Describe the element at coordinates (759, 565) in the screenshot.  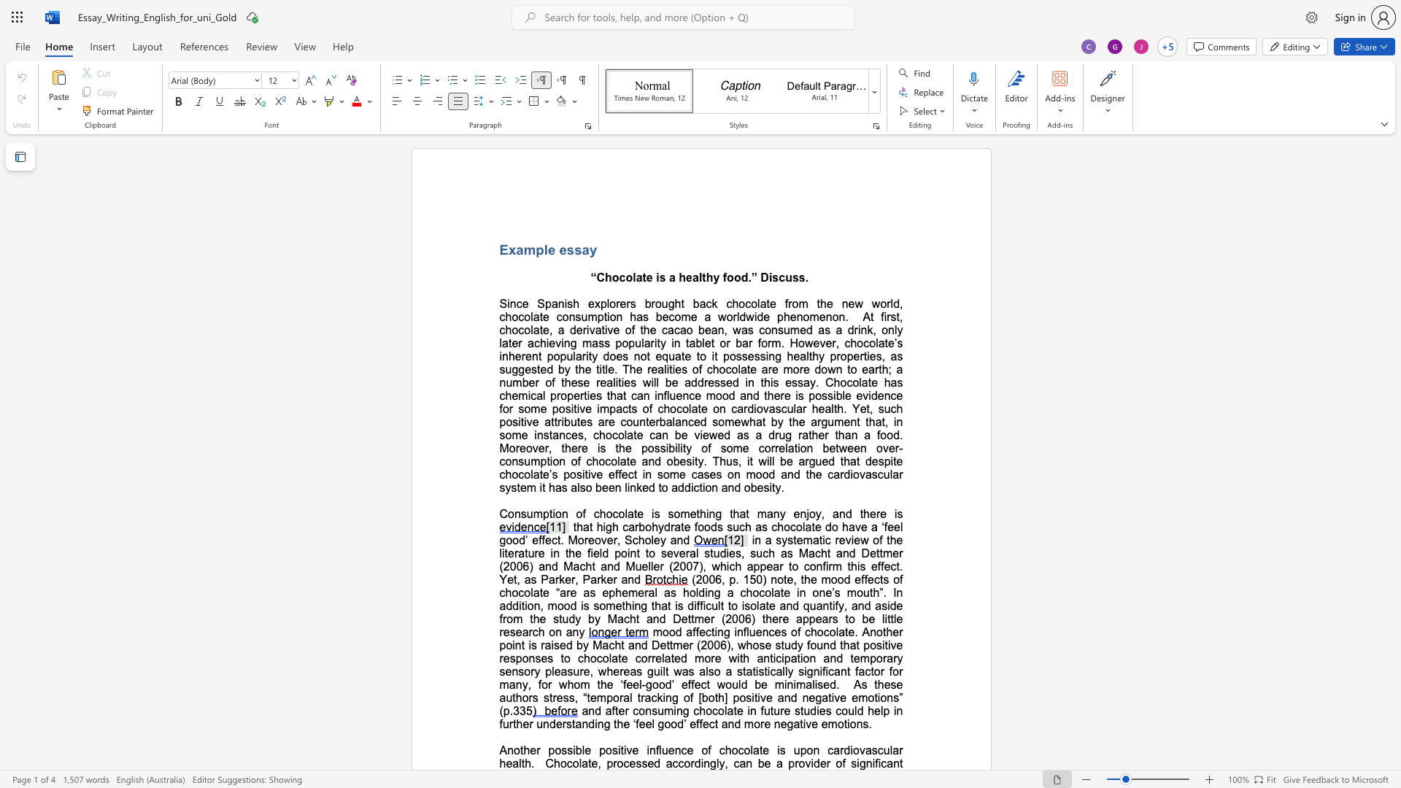
I see `the space between the continuous character "p" and "p" in the text` at that location.